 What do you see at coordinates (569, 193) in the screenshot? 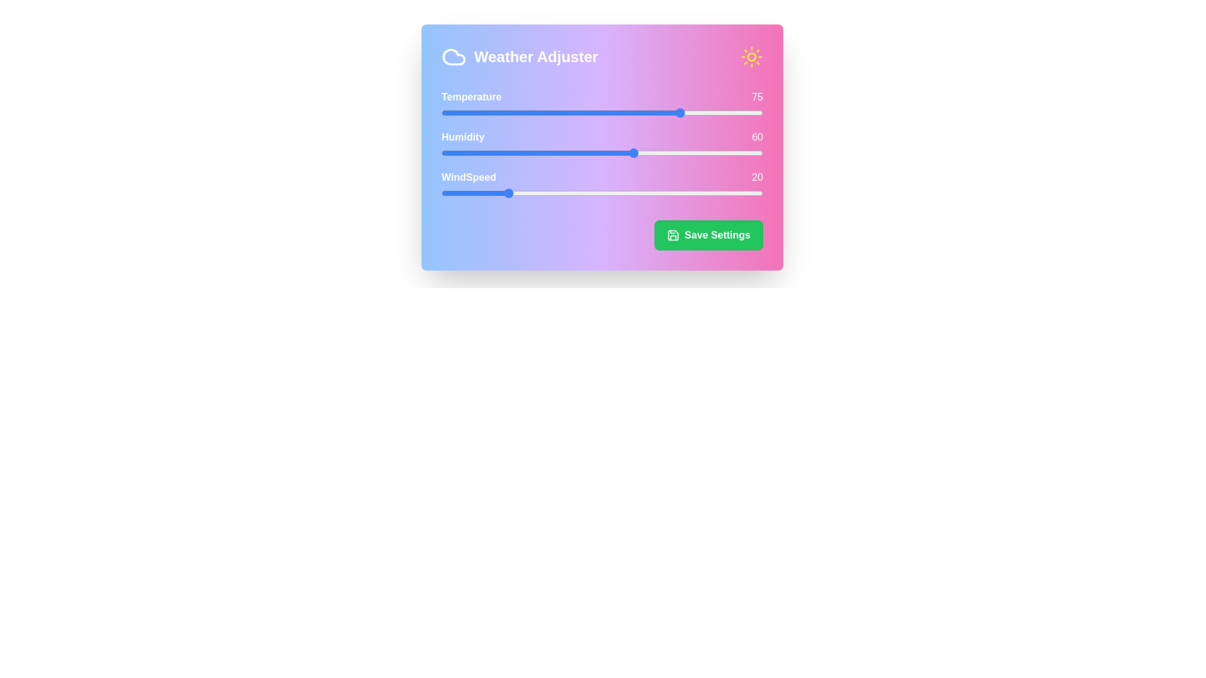
I see `the wind speed` at bounding box center [569, 193].